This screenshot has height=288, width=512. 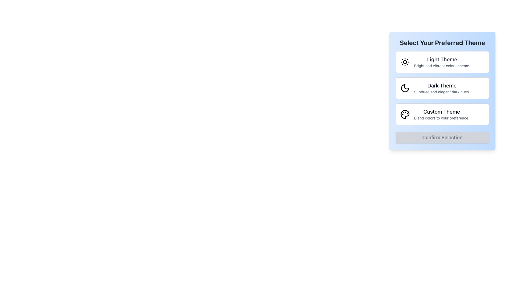 I want to click on the crescent moon graphic representing the 'Dark Theme' option in the theme selection menu, so click(x=405, y=88).